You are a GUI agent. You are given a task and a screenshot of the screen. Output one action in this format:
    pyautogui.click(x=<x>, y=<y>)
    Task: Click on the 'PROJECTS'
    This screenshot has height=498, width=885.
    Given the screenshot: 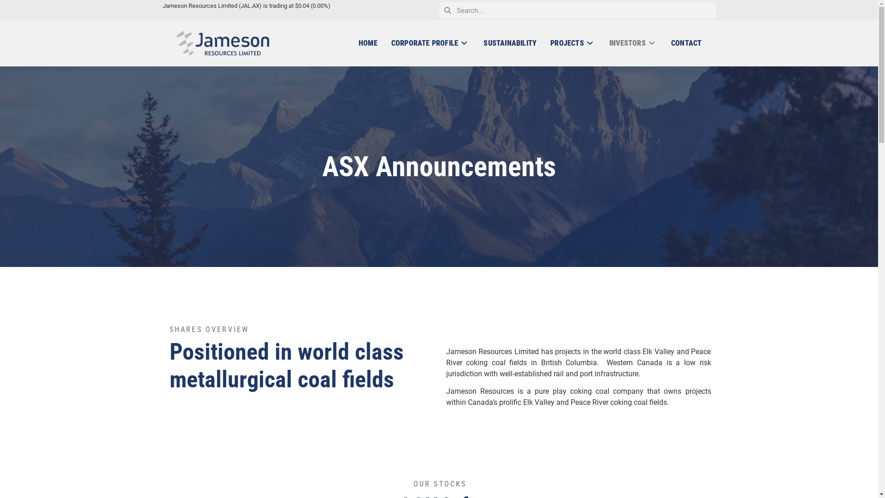 What is the action you would take?
    pyautogui.click(x=572, y=43)
    